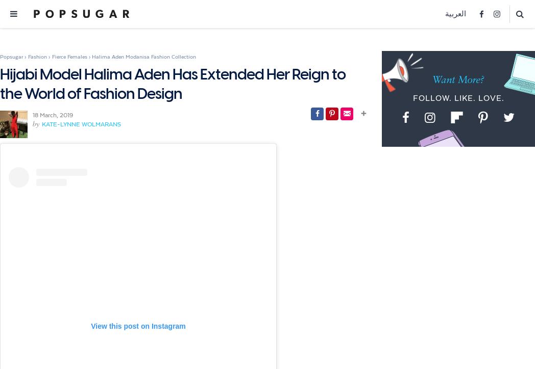  I want to click on 'View this post on Instagram', so click(137, 326).